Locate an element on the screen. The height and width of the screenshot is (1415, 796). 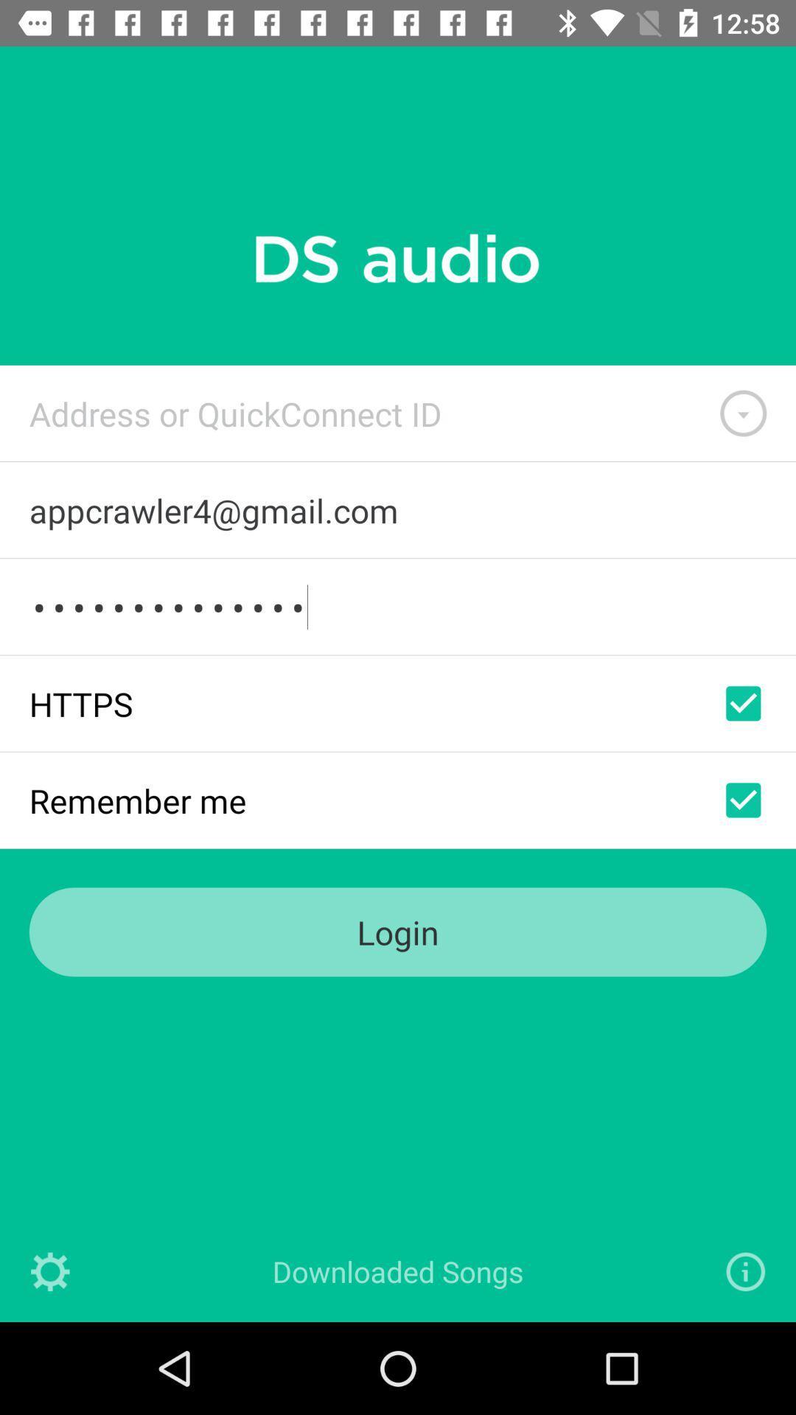
show/hide adress id options is located at coordinates (743, 413).